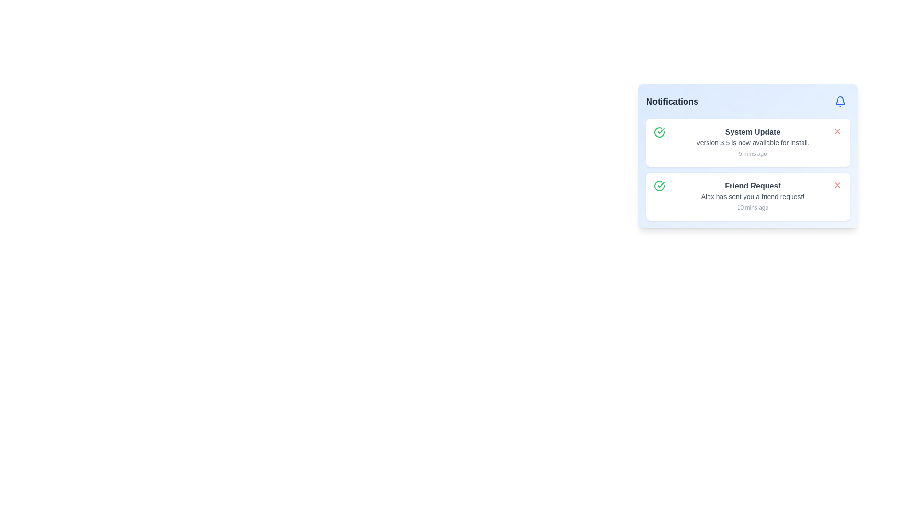  Describe the element at coordinates (752, 142) in the screenshot. I see `the text element that reads 'Version 3.5 is now available for install.' which is styled in gray and positioned below the title 'System Update' within the notification box` at that location.